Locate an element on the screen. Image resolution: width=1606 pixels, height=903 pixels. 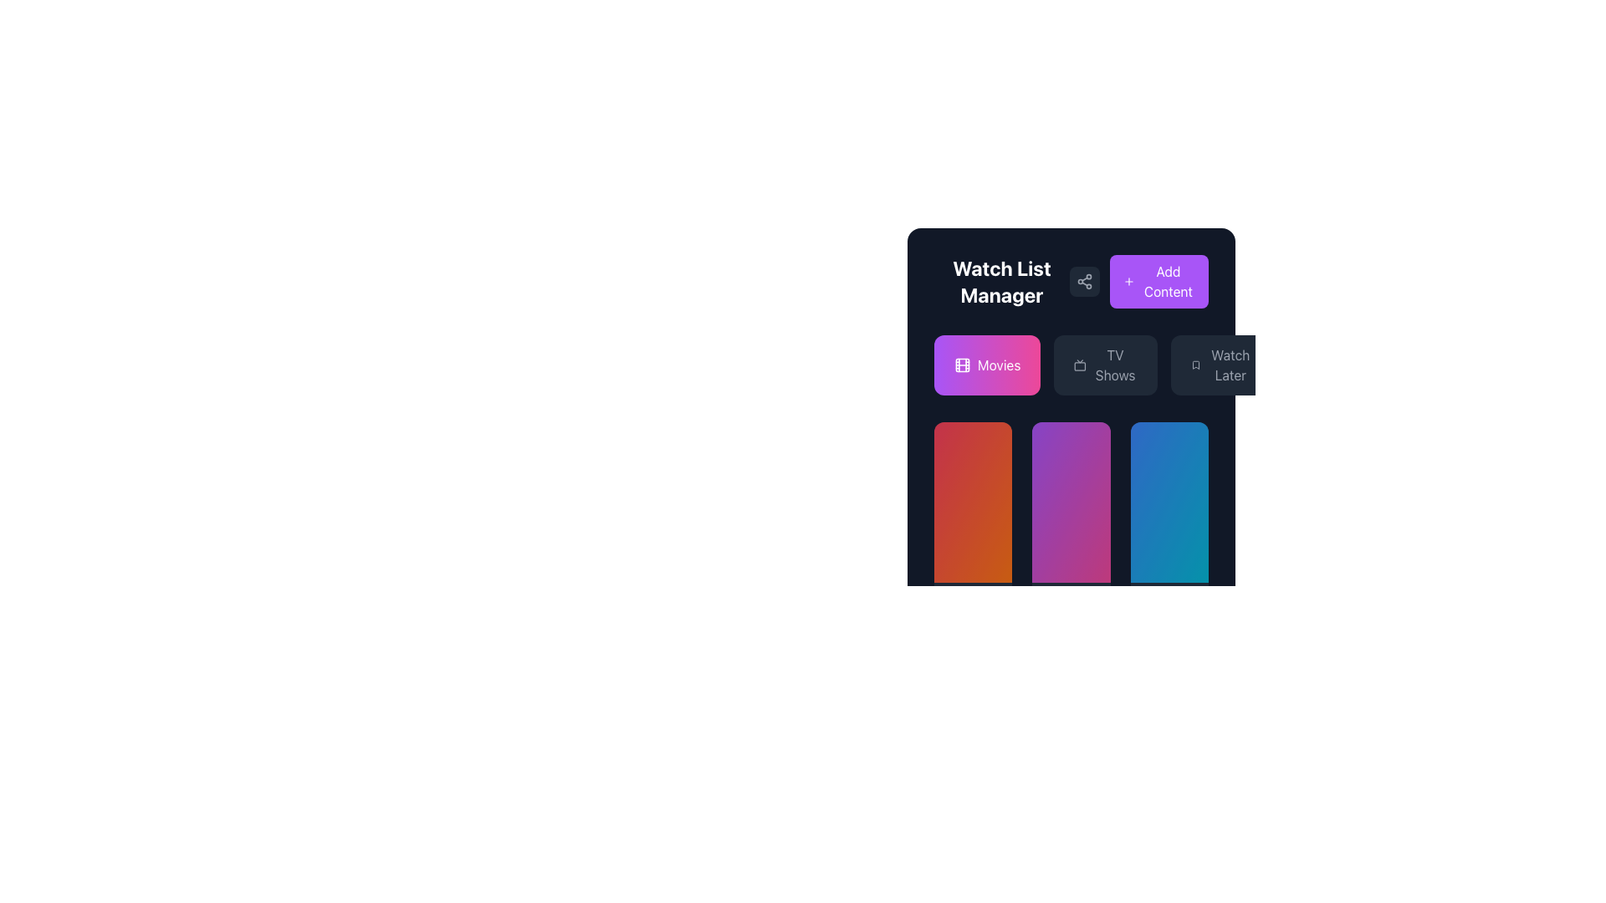
the filmstrip icon graphic element located in the upper-middle section of the application panel is located at coordinates (963, 364).